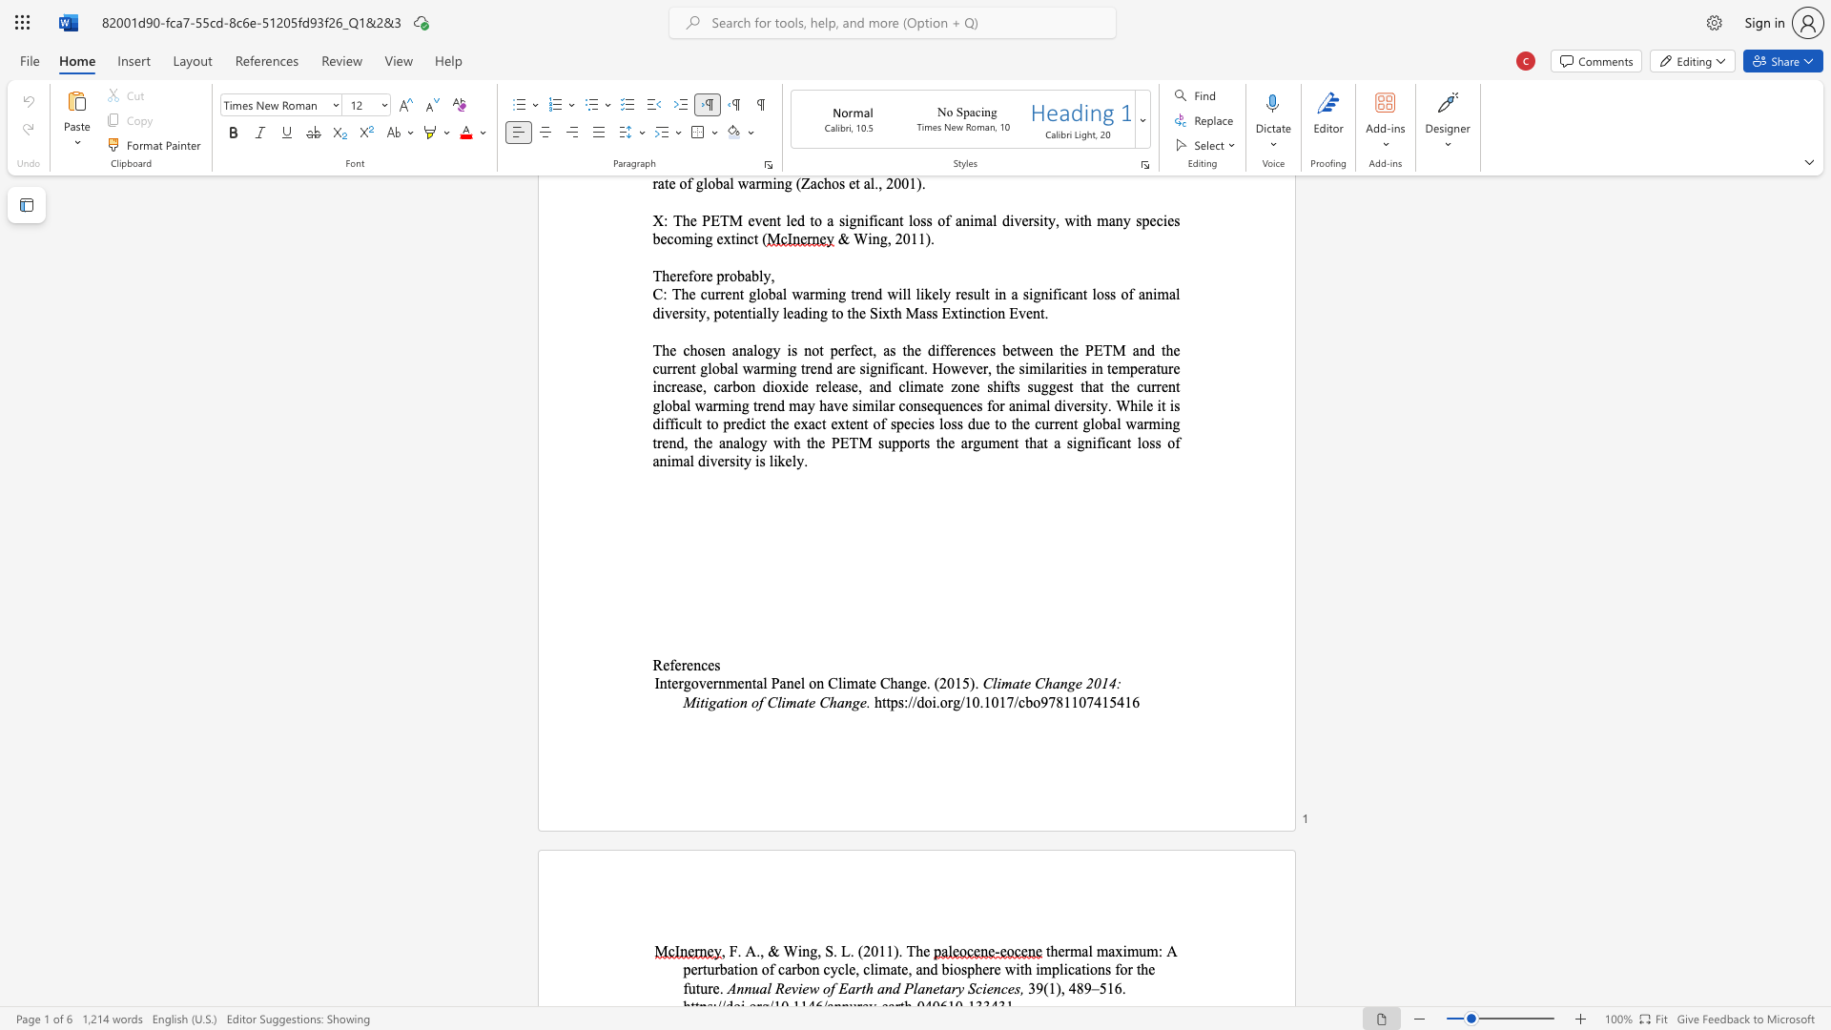 The height and width of the screenshot is (1030, 1831). What do you see at coordinates (1160, 951) in the screenshot?
I see `the 1th character ":" in the text` at bounding box center [1160, 951].